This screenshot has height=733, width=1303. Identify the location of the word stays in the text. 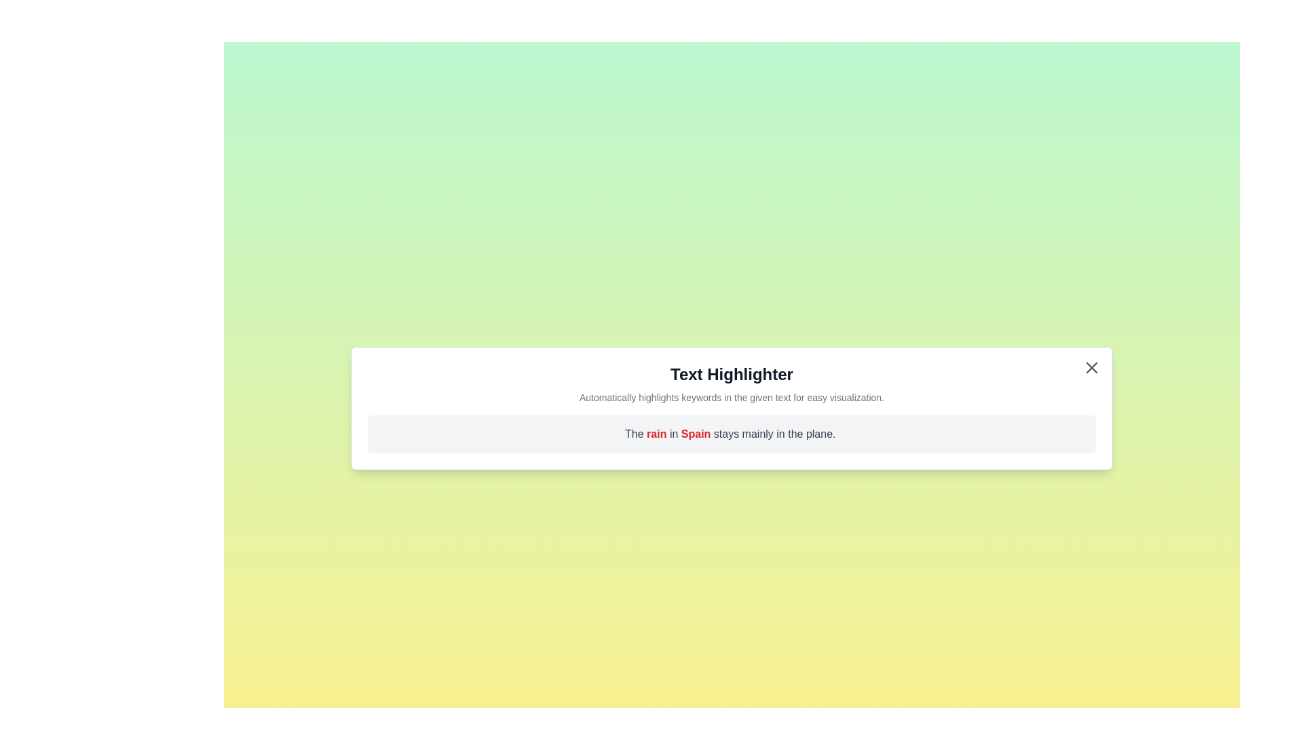
(727, 434).